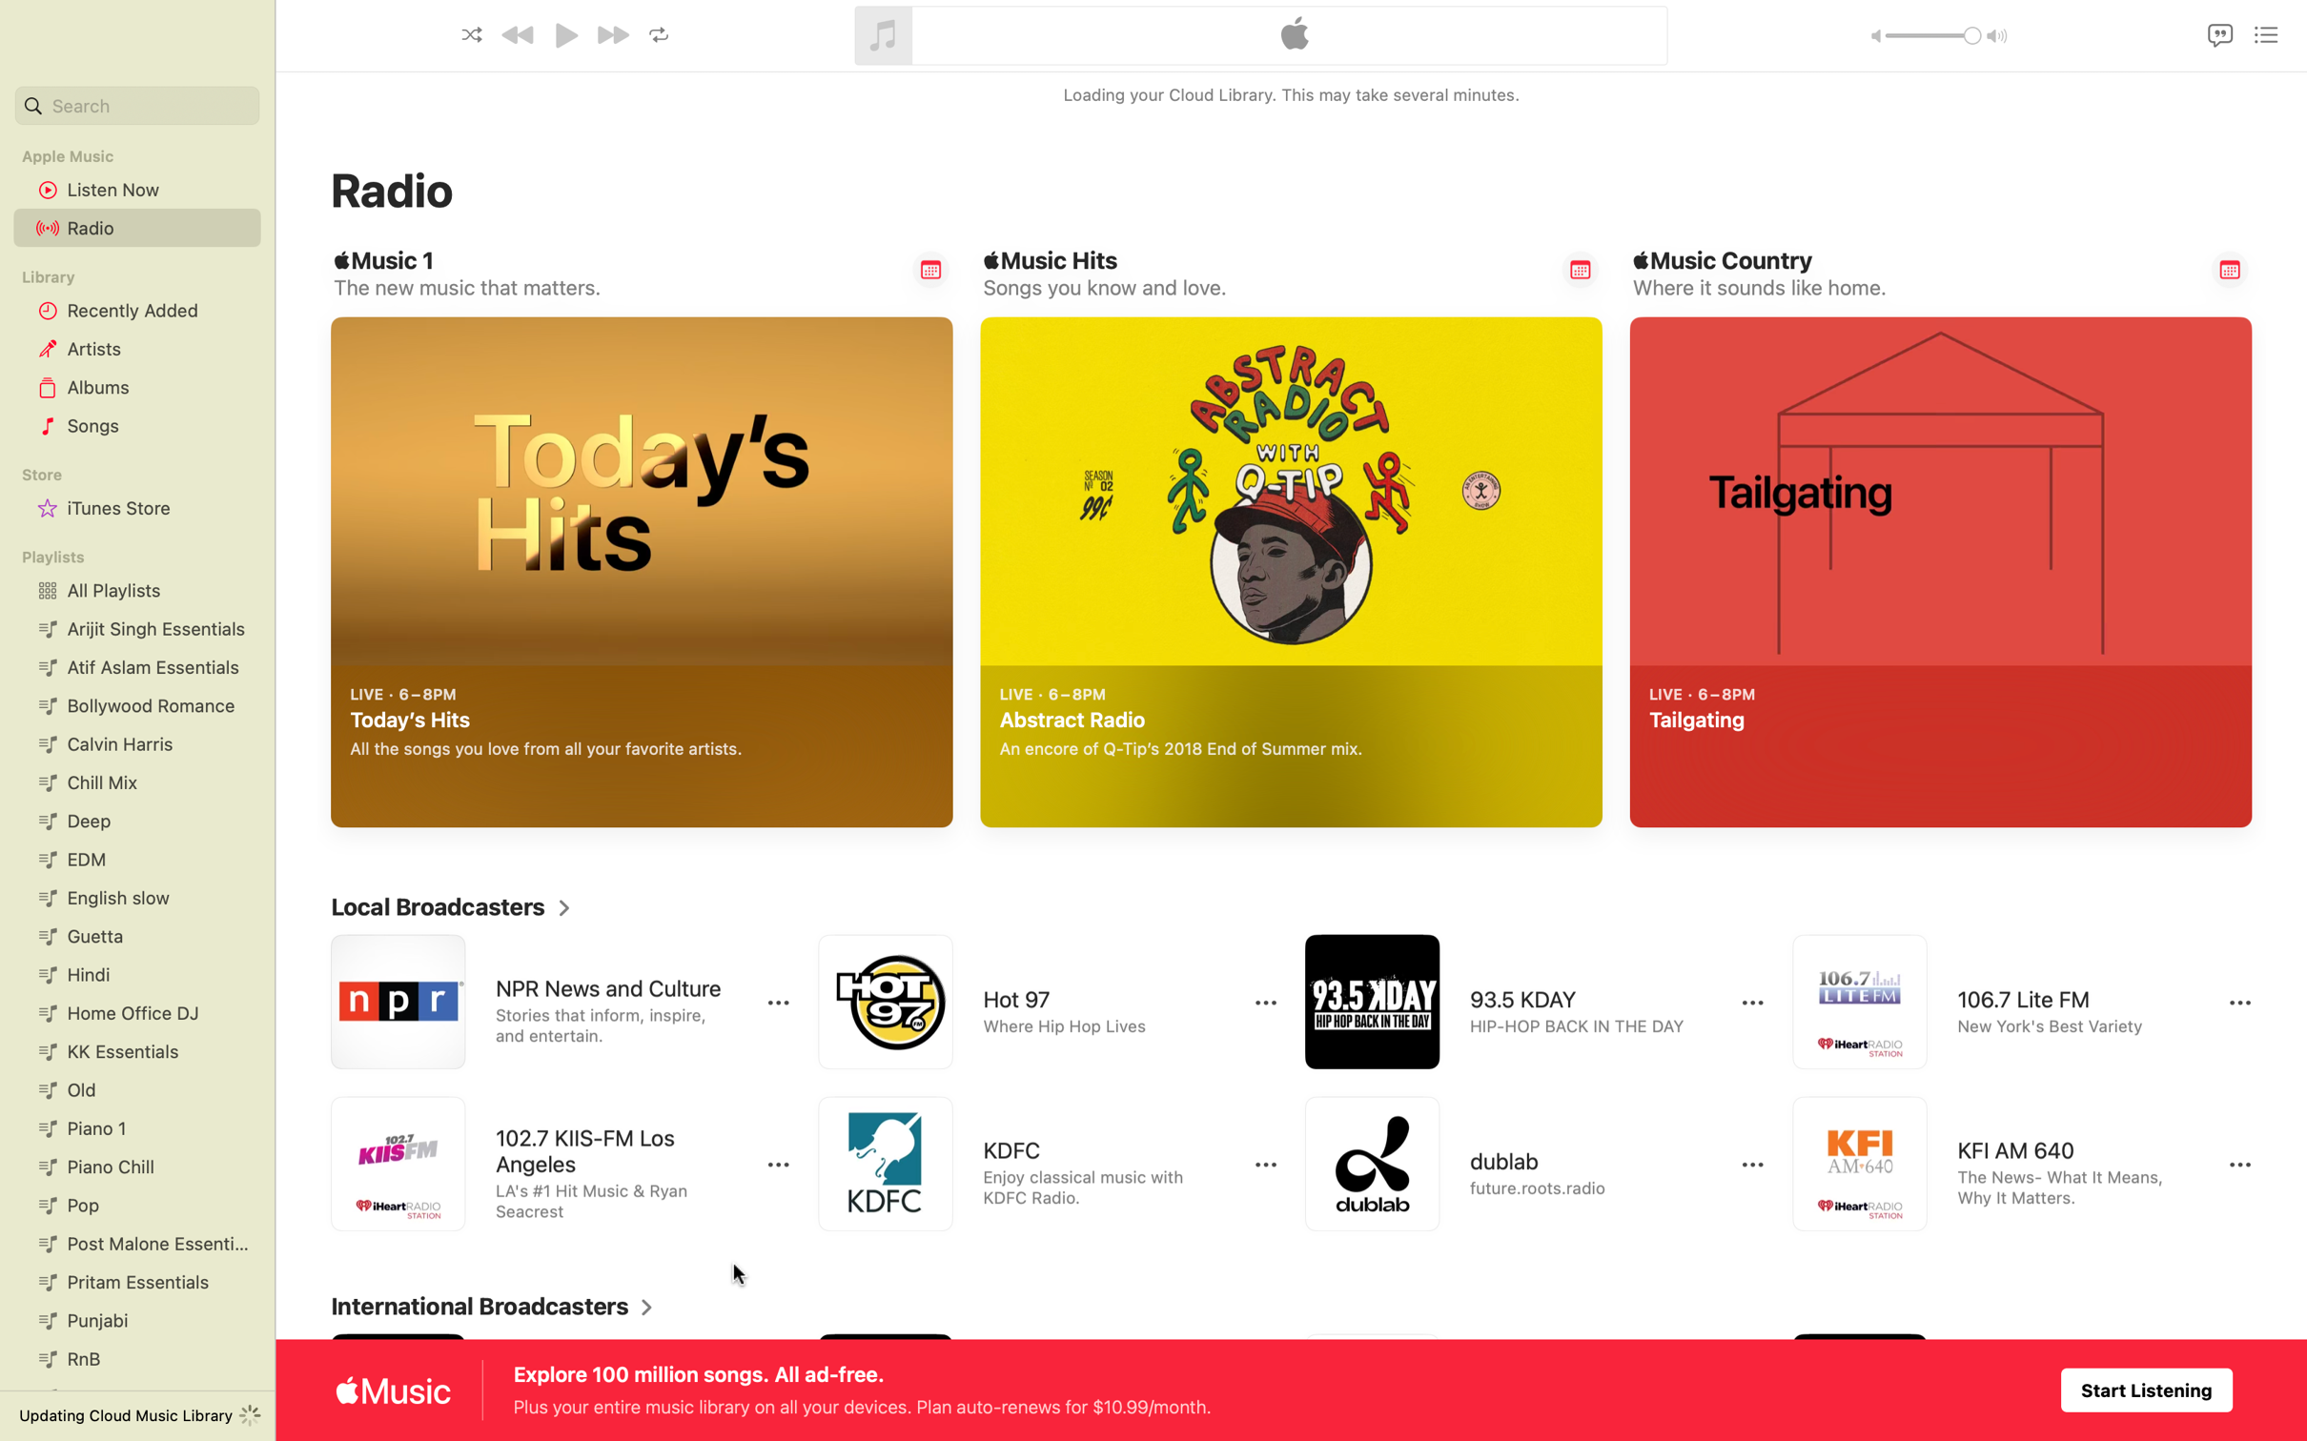  Describe the element at coordinates (2230, 268) in the screenshot. I see `Remind me of Music Country` at that location.